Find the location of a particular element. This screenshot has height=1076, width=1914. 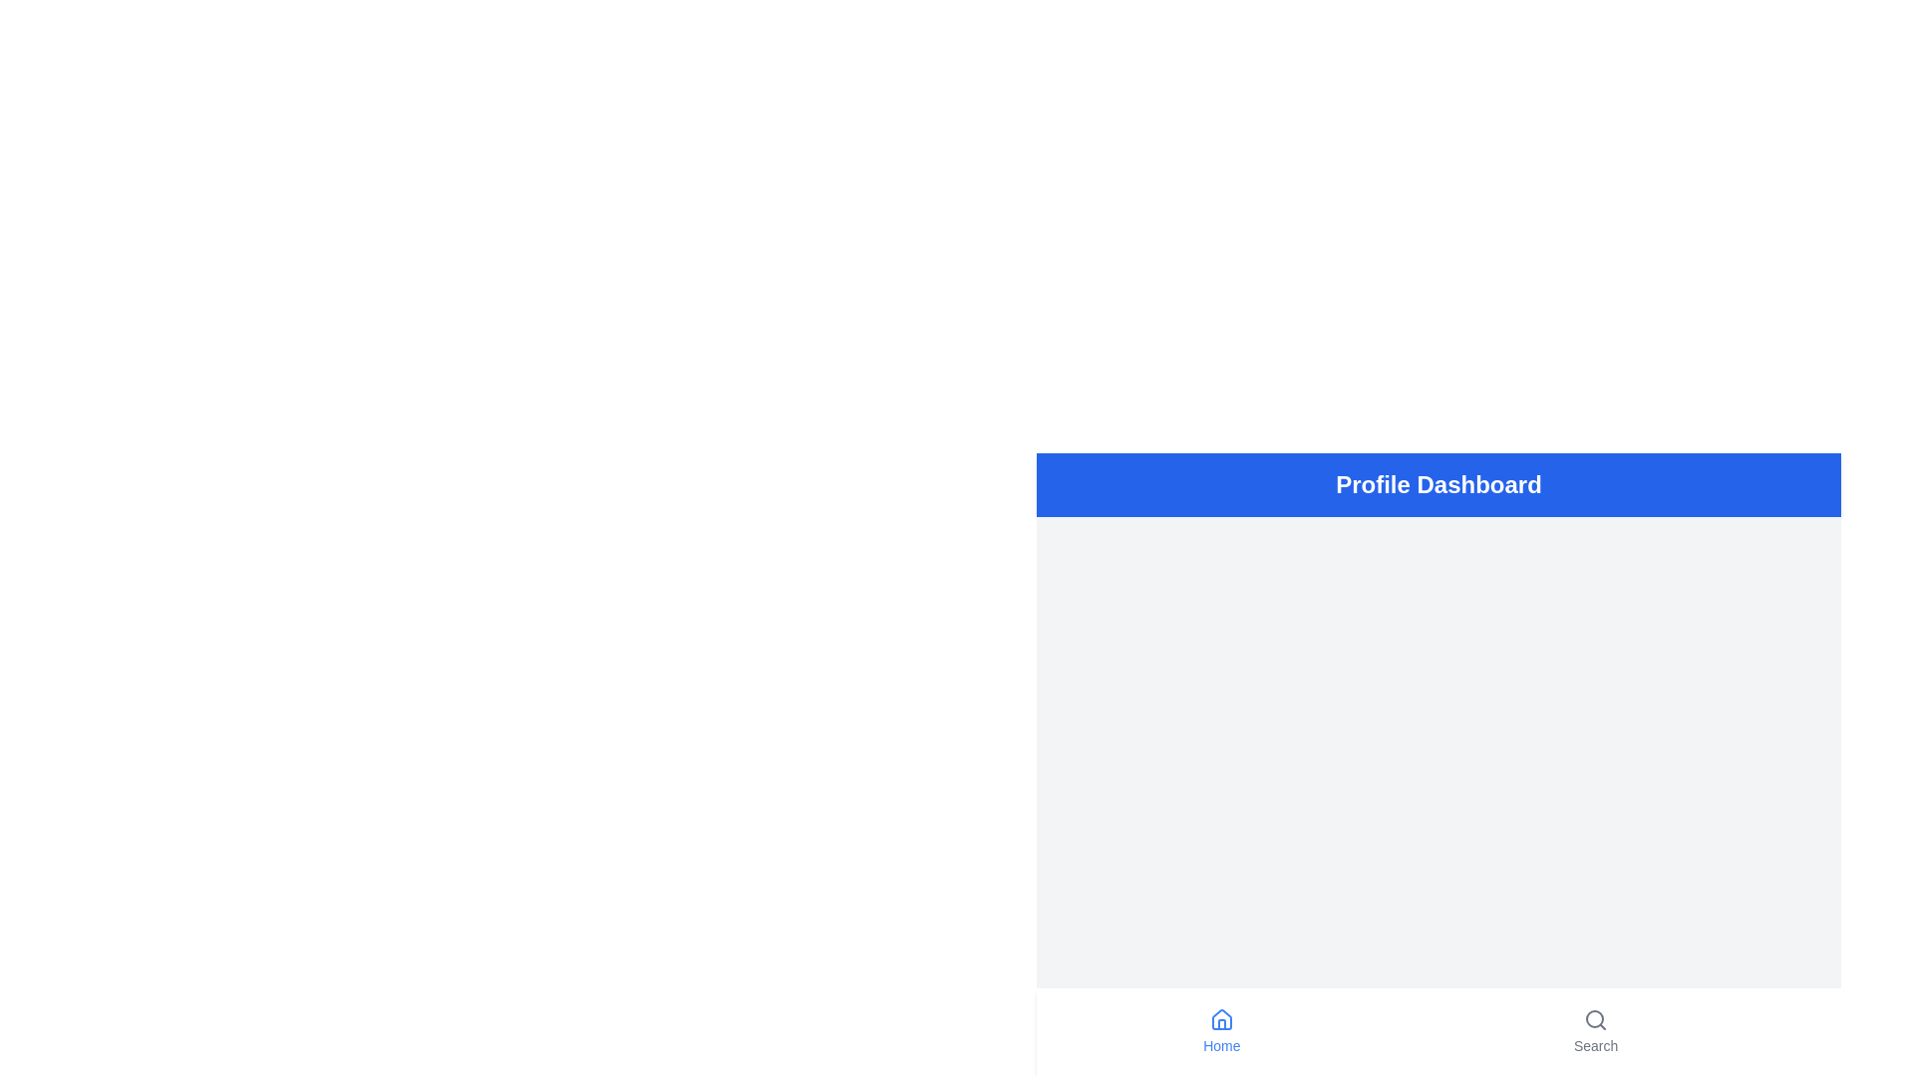

the search icon located in the bottom navigation bar is located at coordinates (1596, 1019).